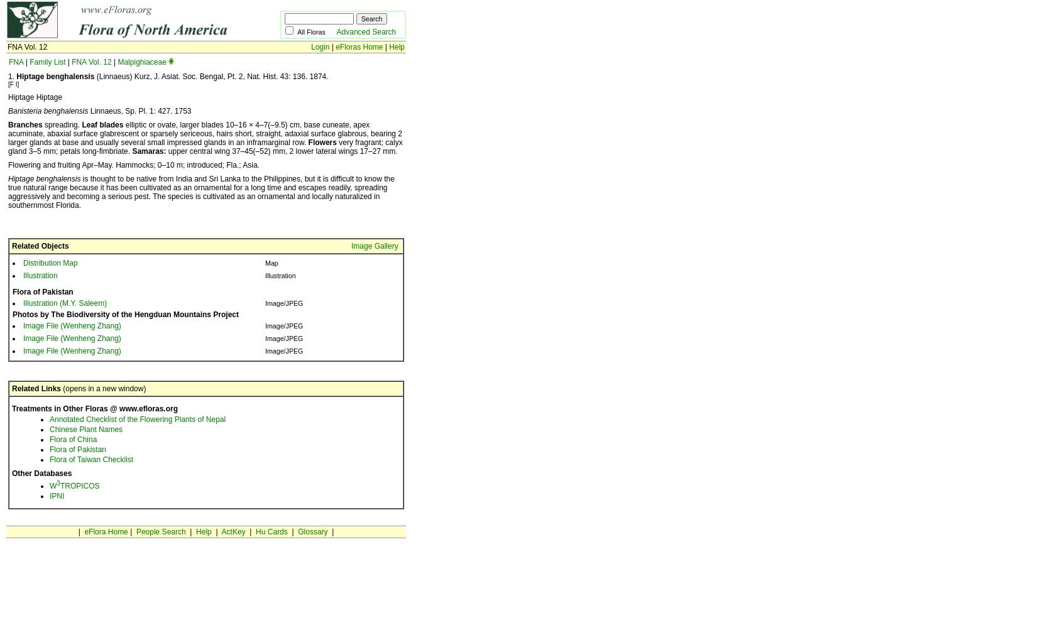  I want to click on '(Linnaeus) Kurz, J. Asiat. Soc. Bengal, Pt. 2, Nat. Hist.  43: 136.  1874.', so click(211, 76).